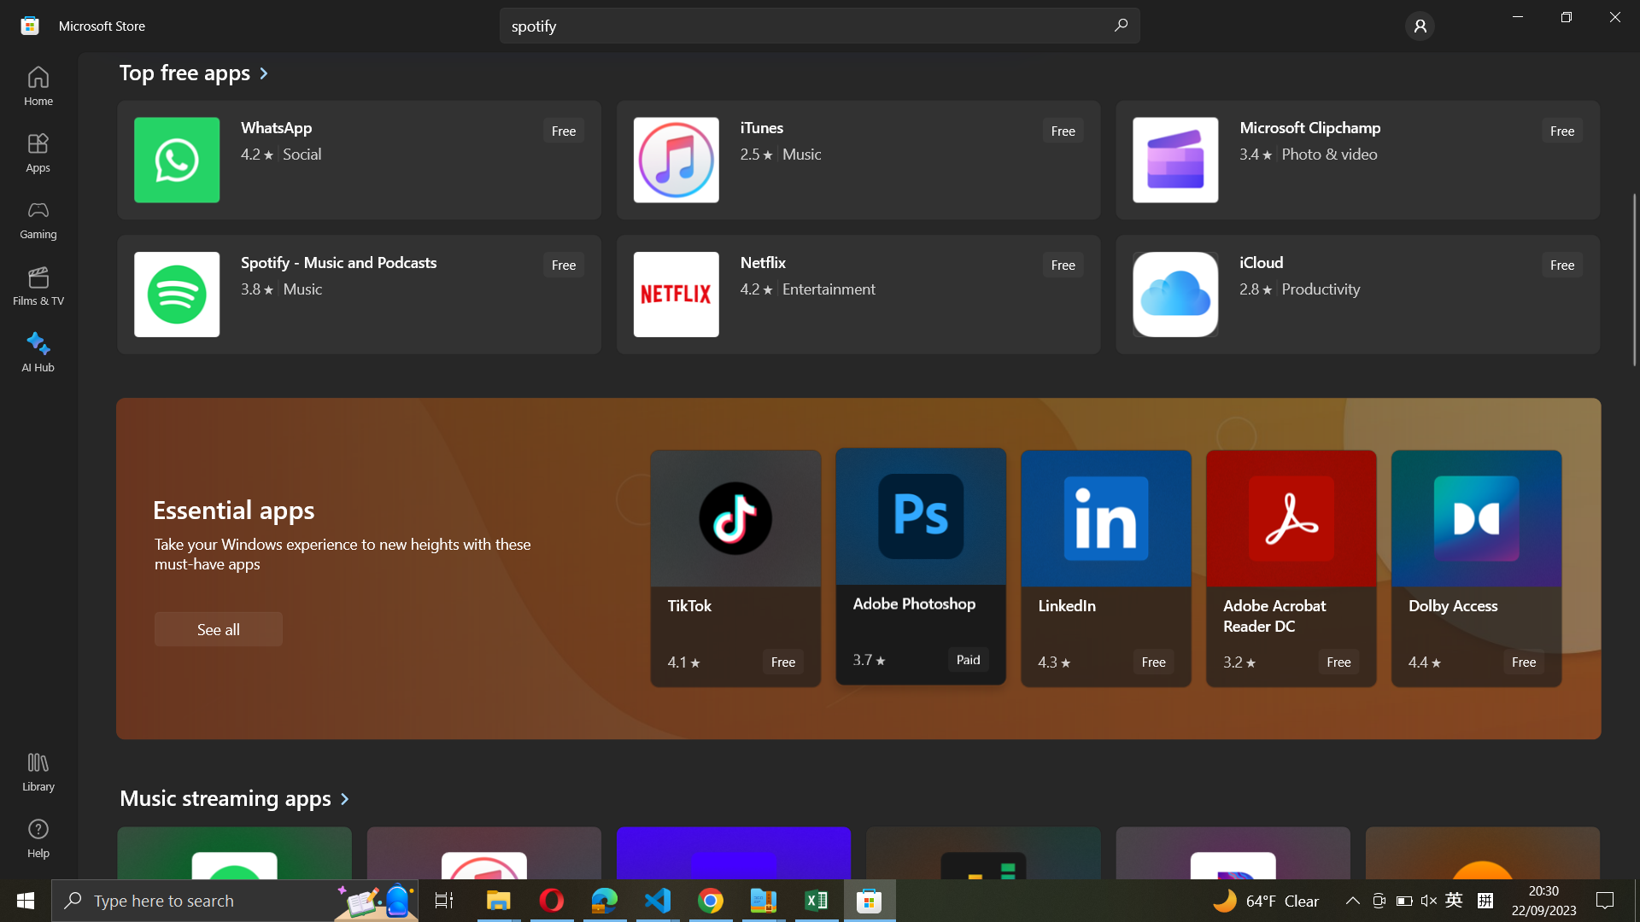 This screenshot has width=1640, height=922. I want to click on Execute Photoshop software, so click(1767920, 613130).